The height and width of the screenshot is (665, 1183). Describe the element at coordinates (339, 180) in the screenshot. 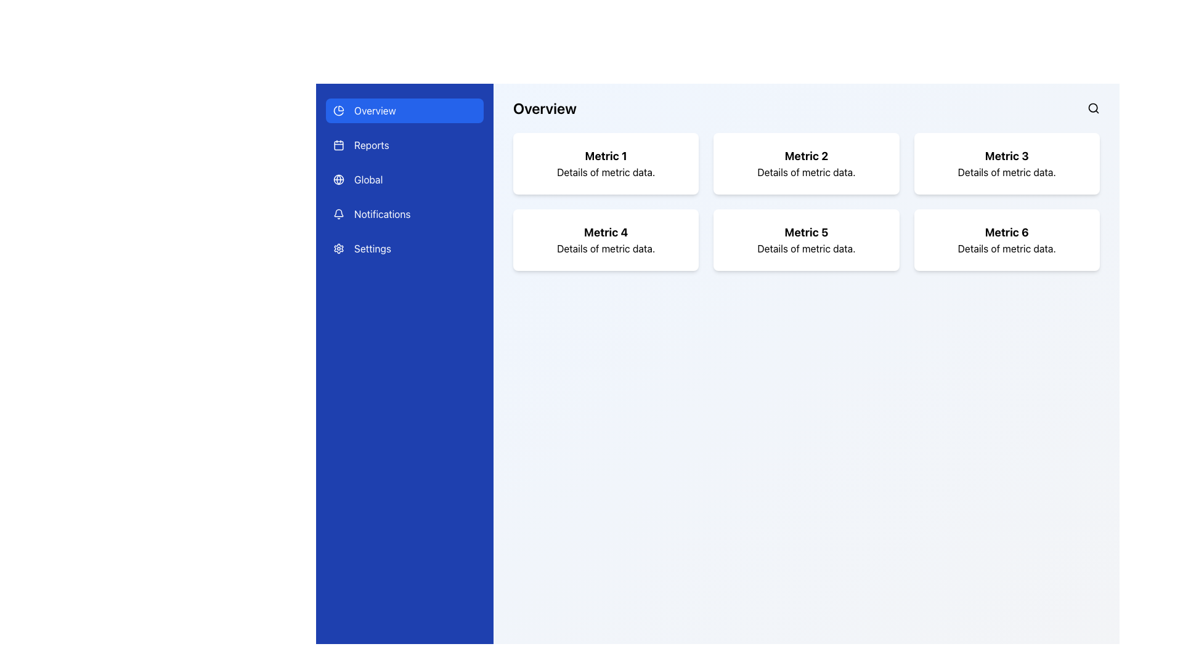

I see `the central curved line of the globe icon located in the navigation bar next to the 'Global' text` at that location.